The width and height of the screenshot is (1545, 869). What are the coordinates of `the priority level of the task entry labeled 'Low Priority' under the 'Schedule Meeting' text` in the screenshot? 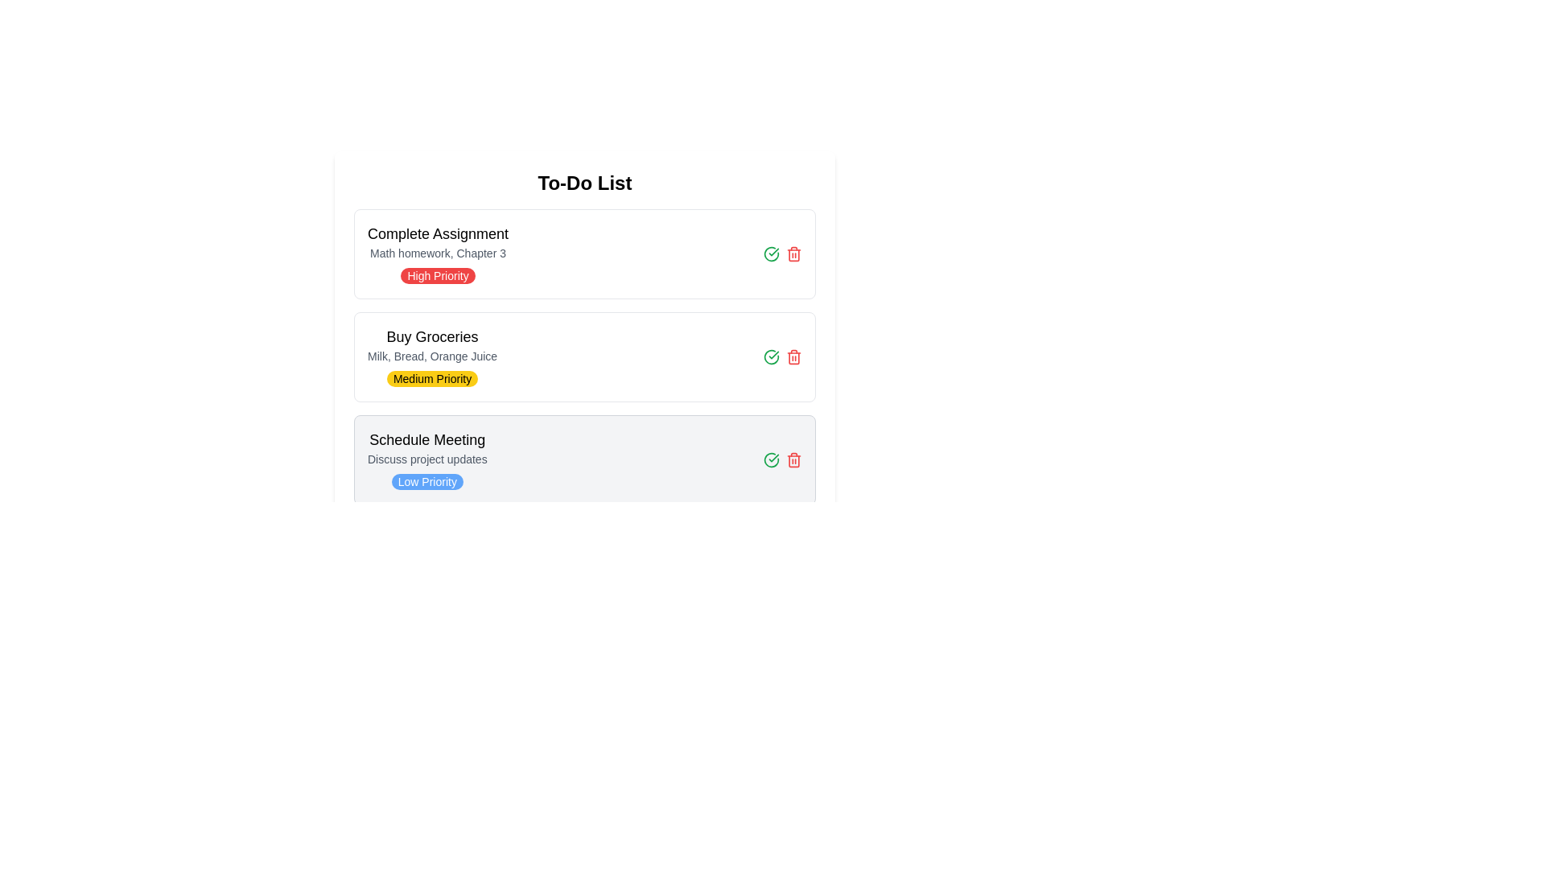 It's located at (427, 459).